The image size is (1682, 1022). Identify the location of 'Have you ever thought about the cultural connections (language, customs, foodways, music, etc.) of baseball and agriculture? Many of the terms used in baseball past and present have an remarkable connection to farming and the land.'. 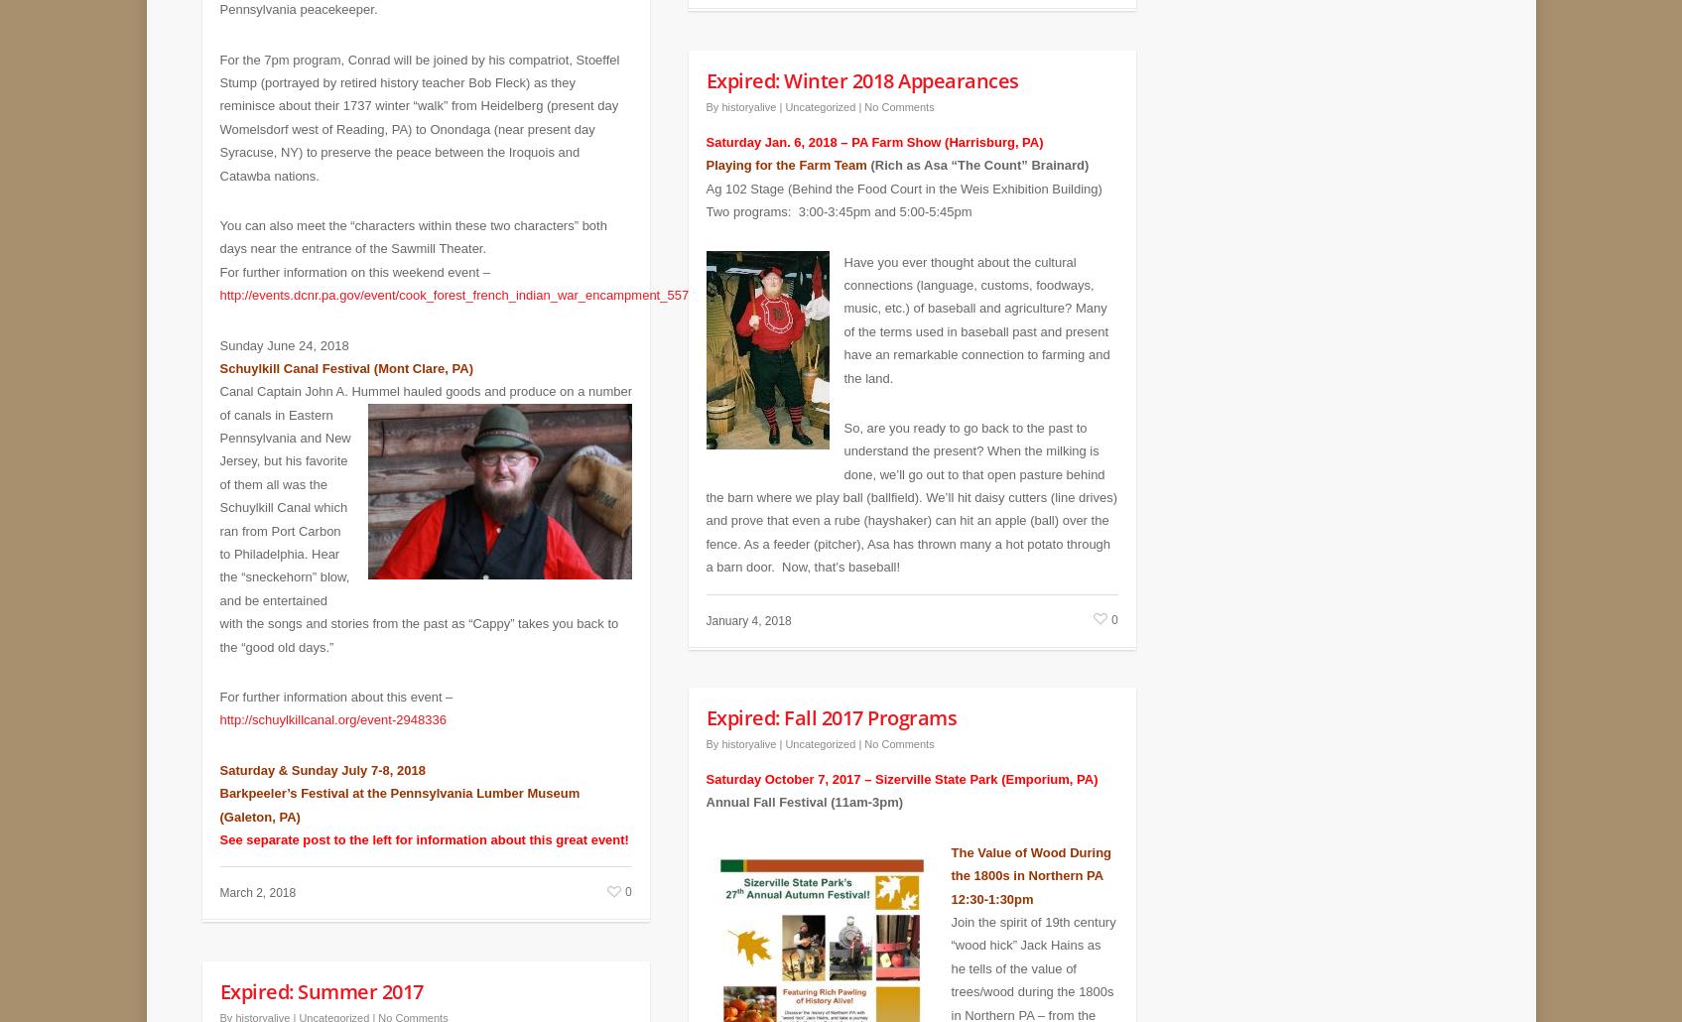
(974, 304).